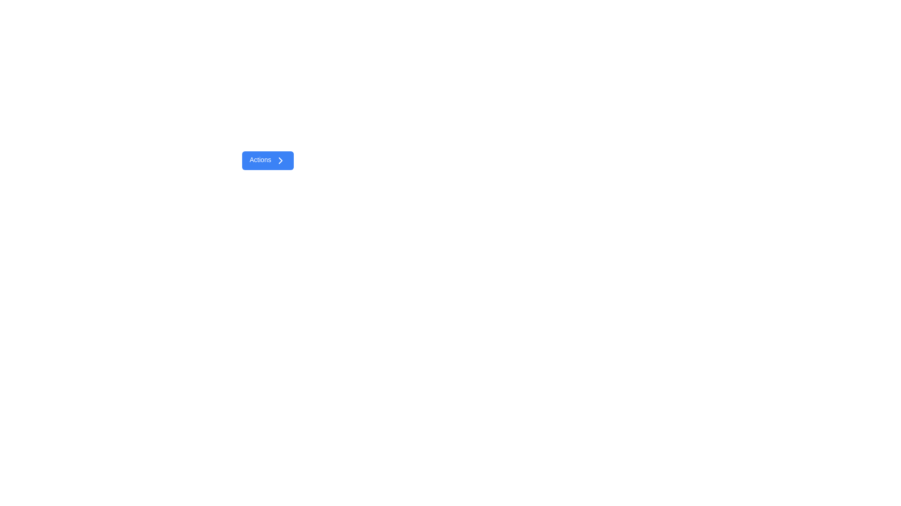 The width and height of the screenshot is (901, 506). I want to click on the Chevron Right icon located next to the 'Actions' label, so click(280, 160).